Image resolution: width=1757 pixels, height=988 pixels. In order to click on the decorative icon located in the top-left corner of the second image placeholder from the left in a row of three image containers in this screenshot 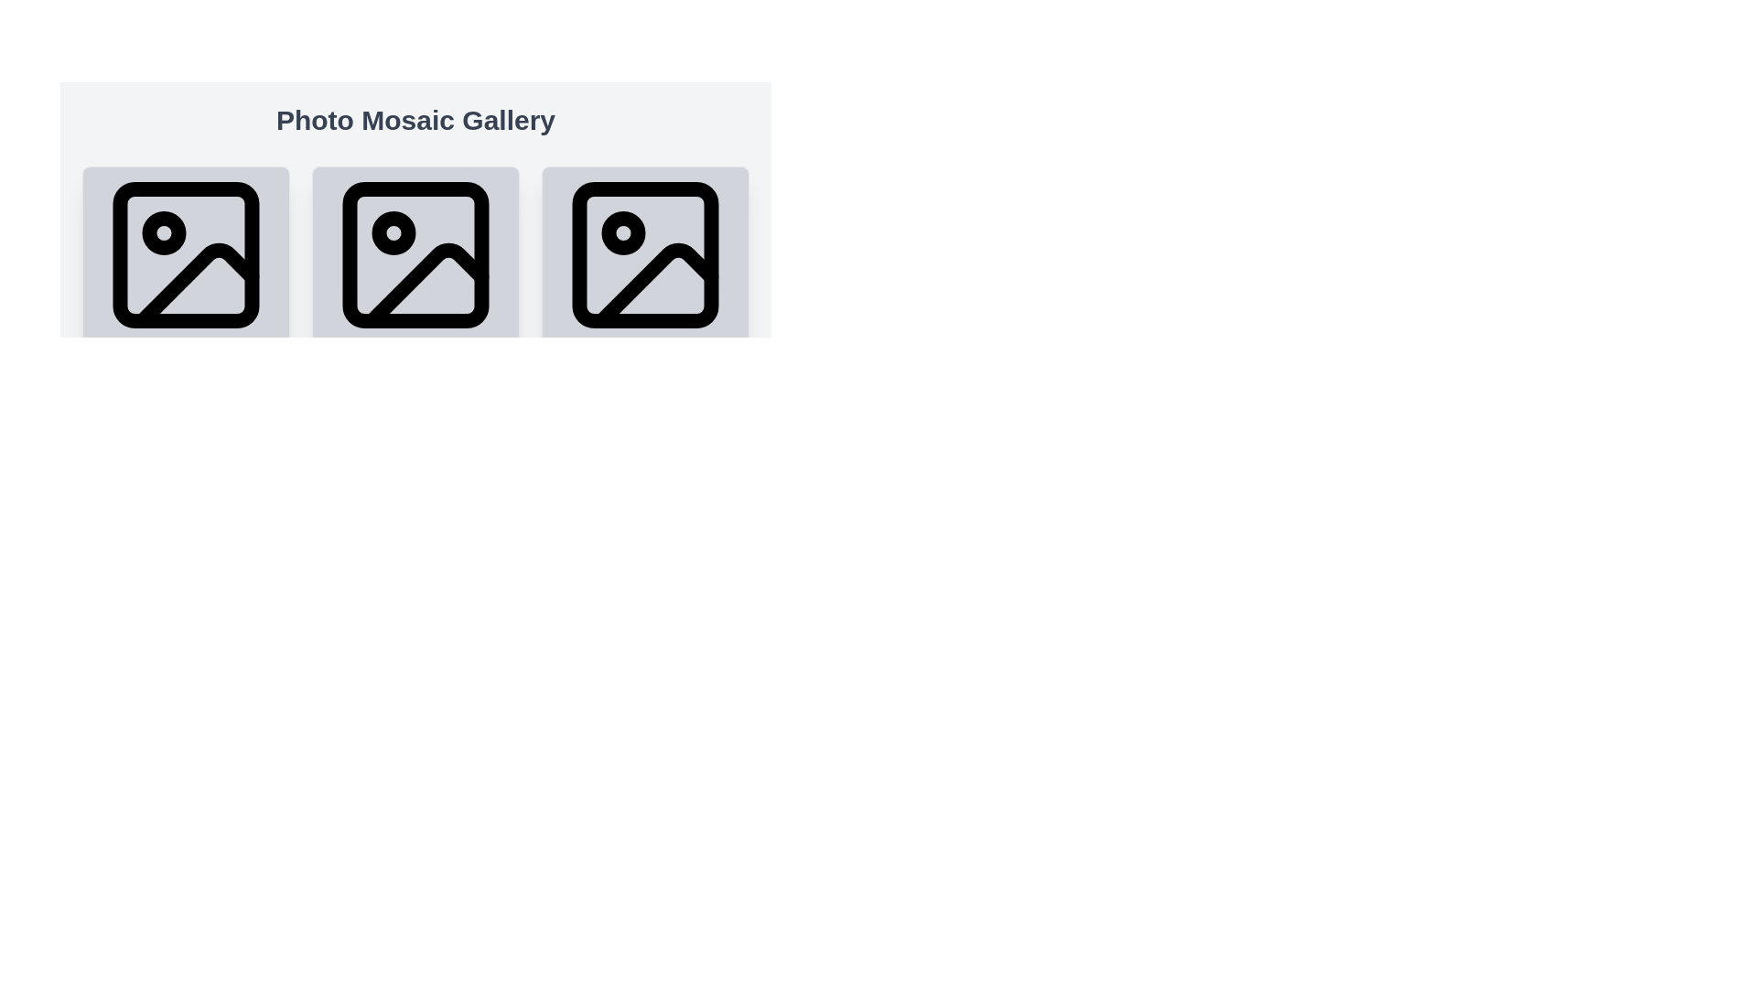, I will do `click(393, 231)`.